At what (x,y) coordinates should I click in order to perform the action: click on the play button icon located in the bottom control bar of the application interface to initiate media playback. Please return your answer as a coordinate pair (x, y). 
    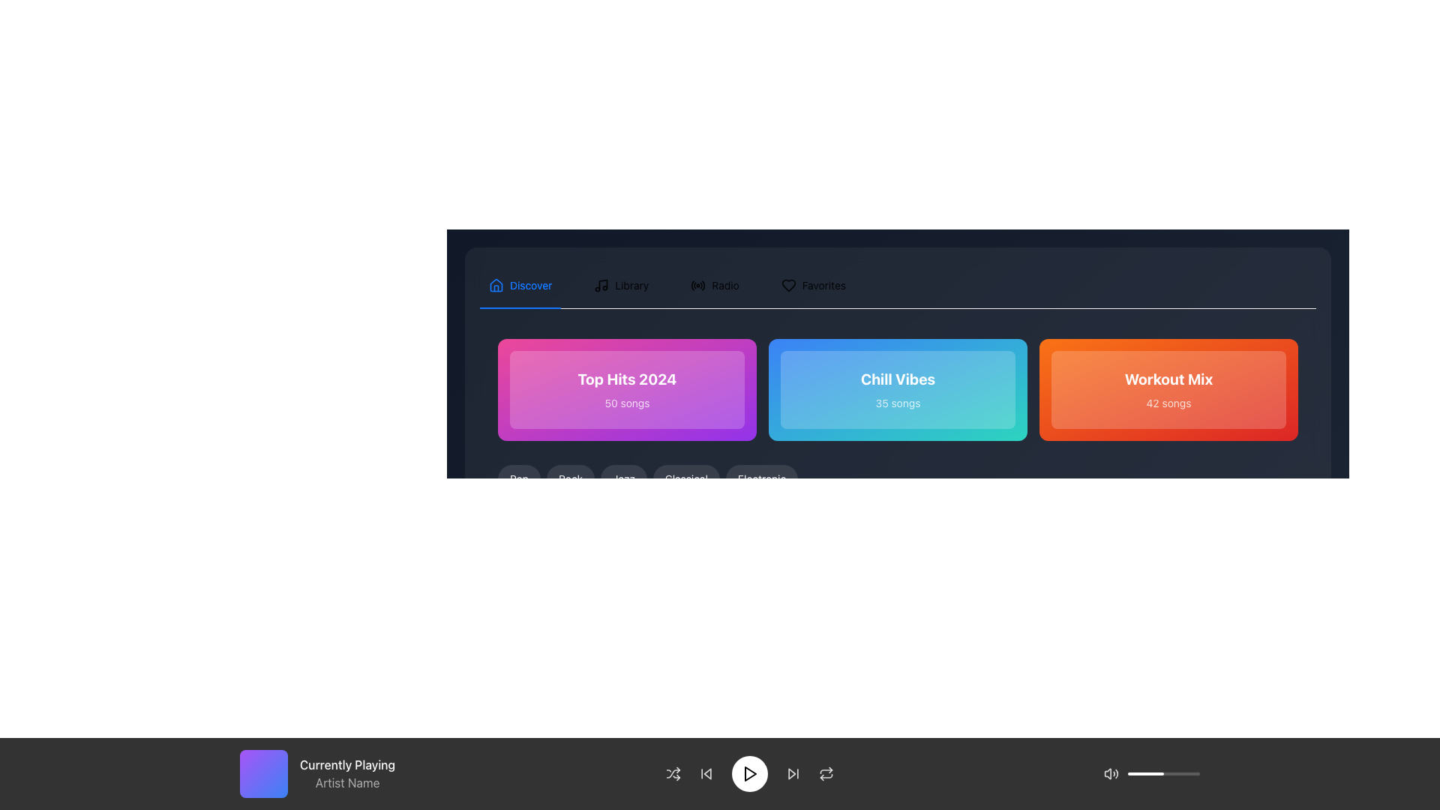
    Looking at the image, I should click on (750, 774).